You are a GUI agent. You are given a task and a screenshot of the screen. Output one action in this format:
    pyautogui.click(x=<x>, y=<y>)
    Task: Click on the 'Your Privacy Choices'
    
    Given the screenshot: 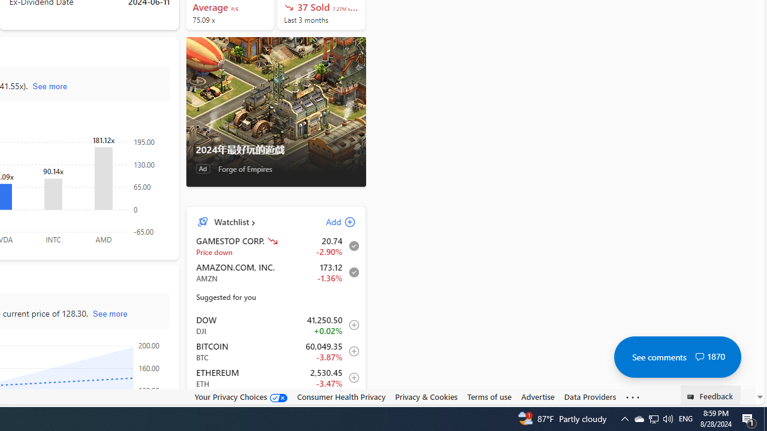 What is the action you would take?
    pyautogui.click(x=240, y=397)
    